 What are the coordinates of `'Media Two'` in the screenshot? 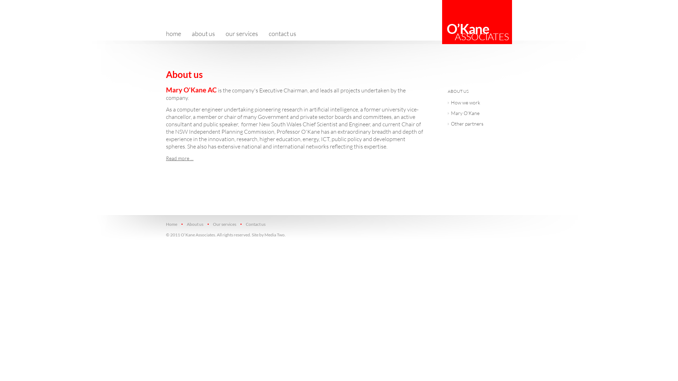 It's located at (274, 235).